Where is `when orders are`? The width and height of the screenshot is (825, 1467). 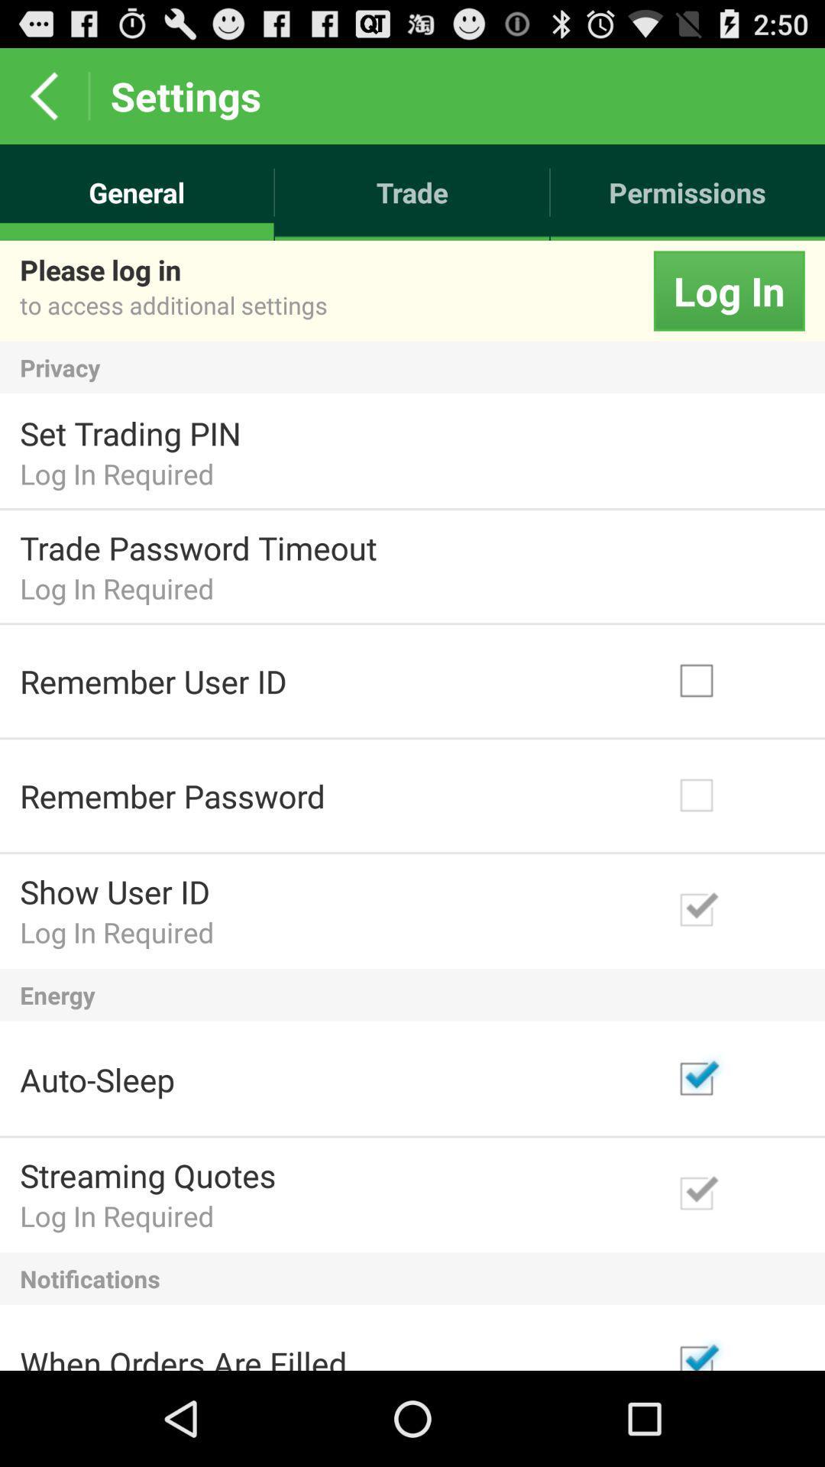 when orders are is located at coordinates (183, 1355).